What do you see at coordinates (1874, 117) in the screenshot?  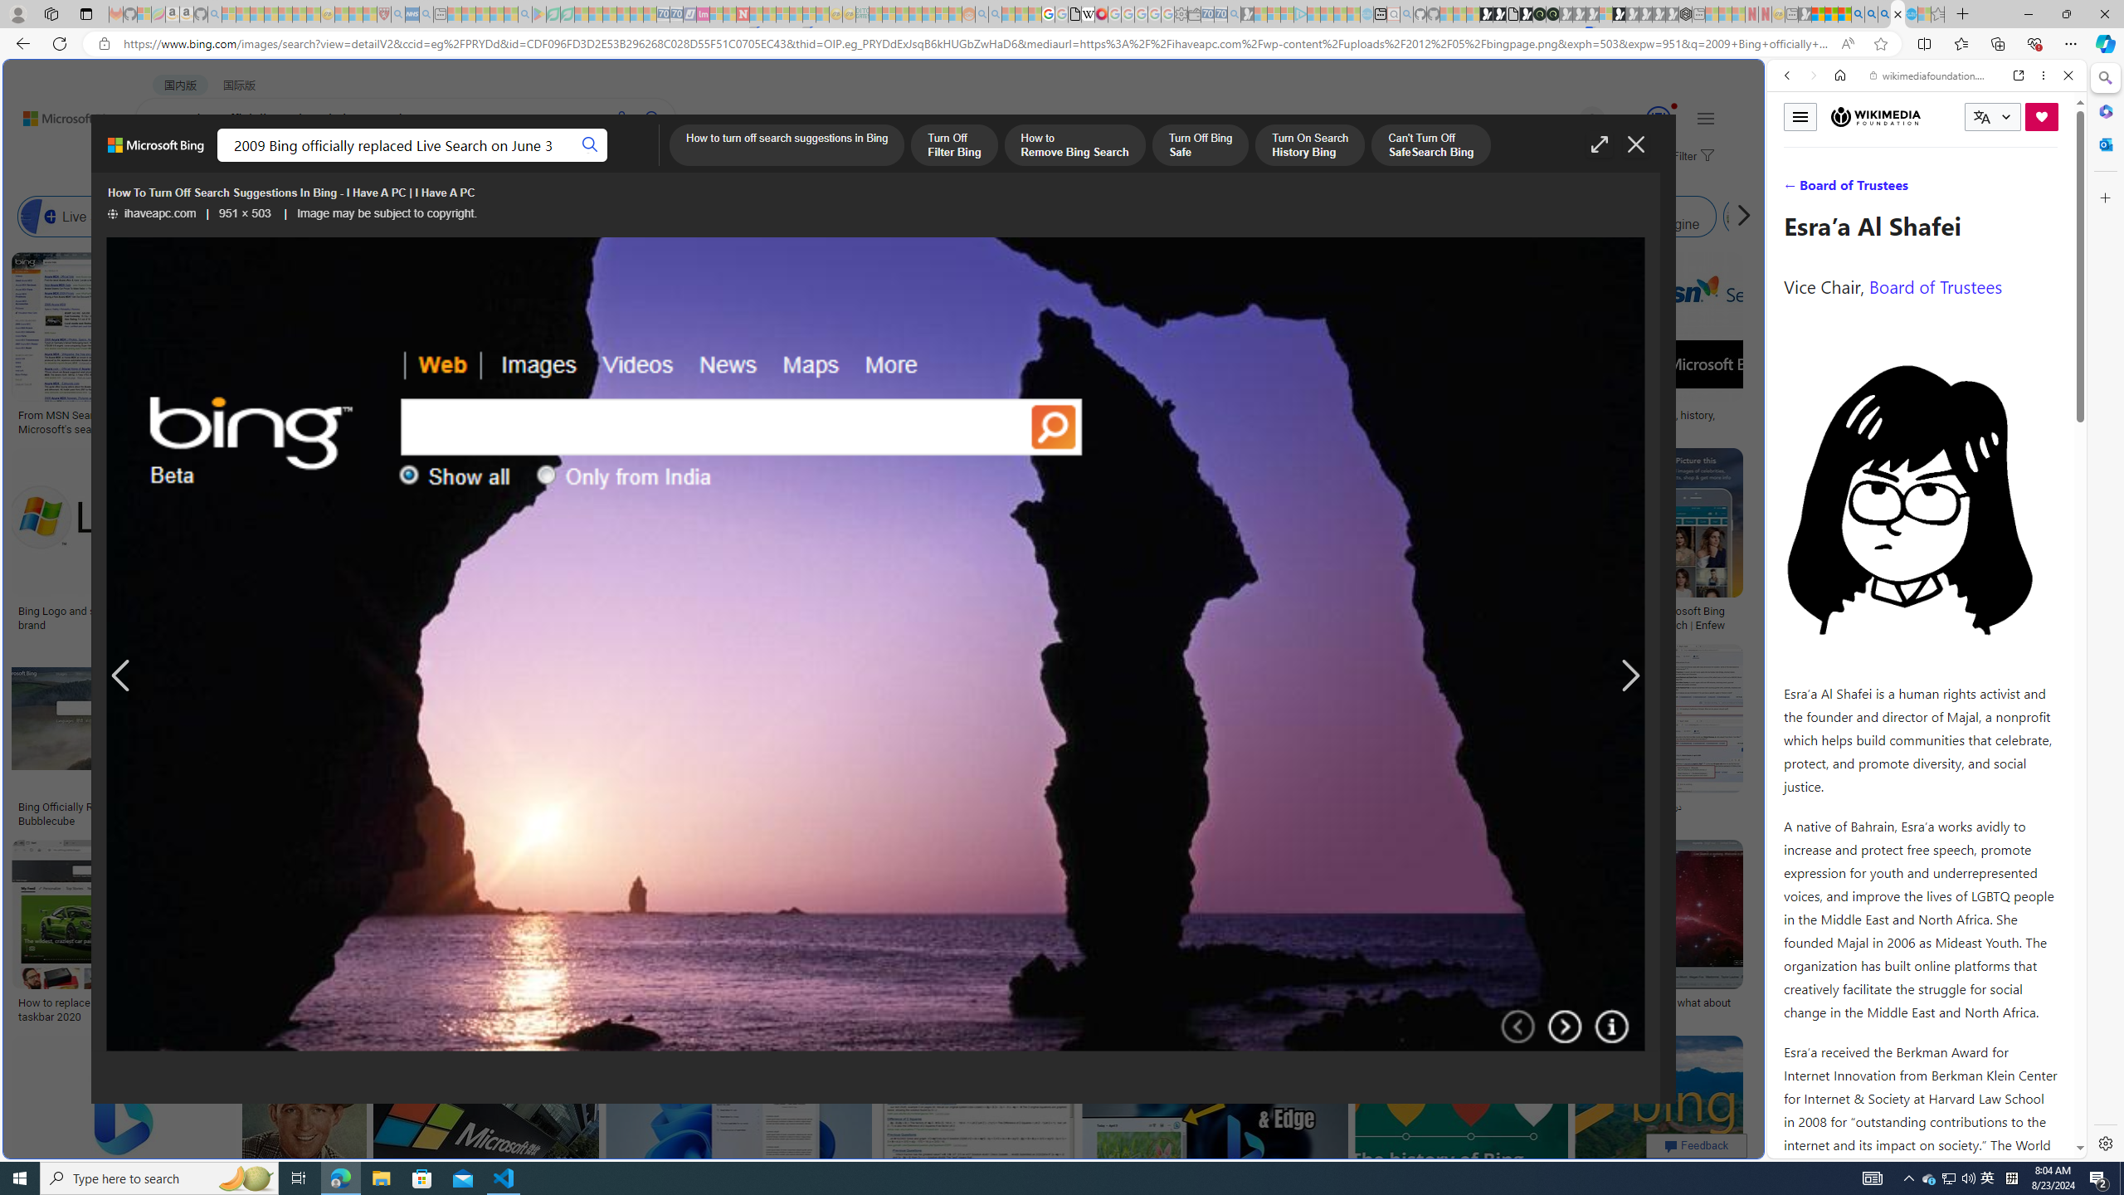 I see `'Wikimedia Foundation'` at bounding box center [1874, 117].